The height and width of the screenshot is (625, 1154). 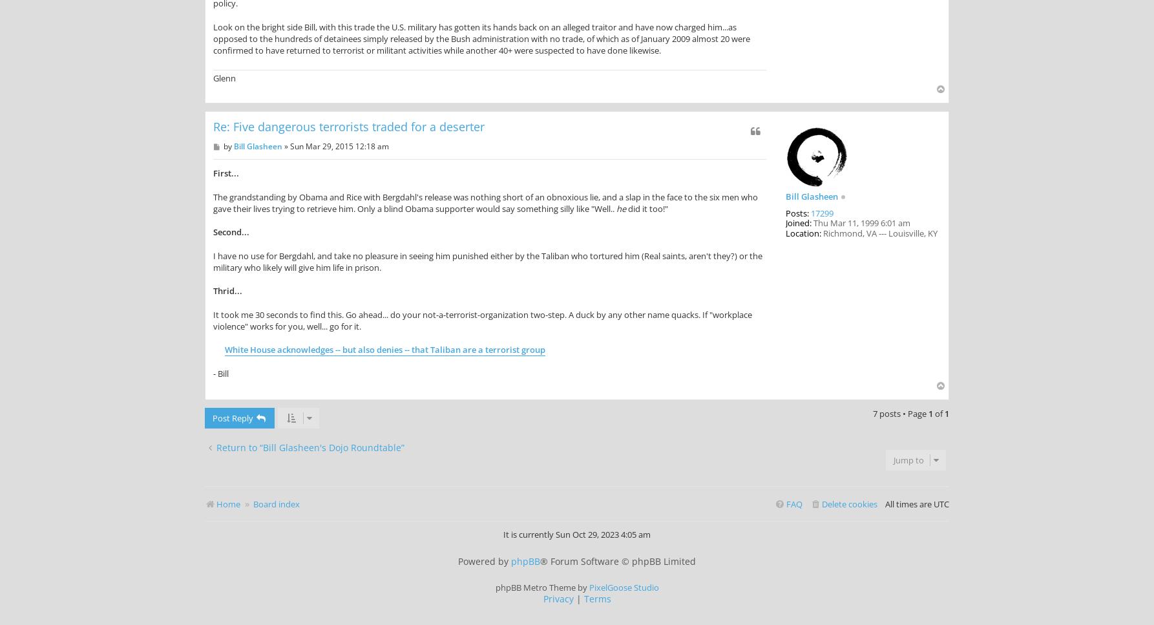 What do you see at coordinates (803, 232) in the screenshot?
I see `'Location:'` at bounding box center [803, 232].